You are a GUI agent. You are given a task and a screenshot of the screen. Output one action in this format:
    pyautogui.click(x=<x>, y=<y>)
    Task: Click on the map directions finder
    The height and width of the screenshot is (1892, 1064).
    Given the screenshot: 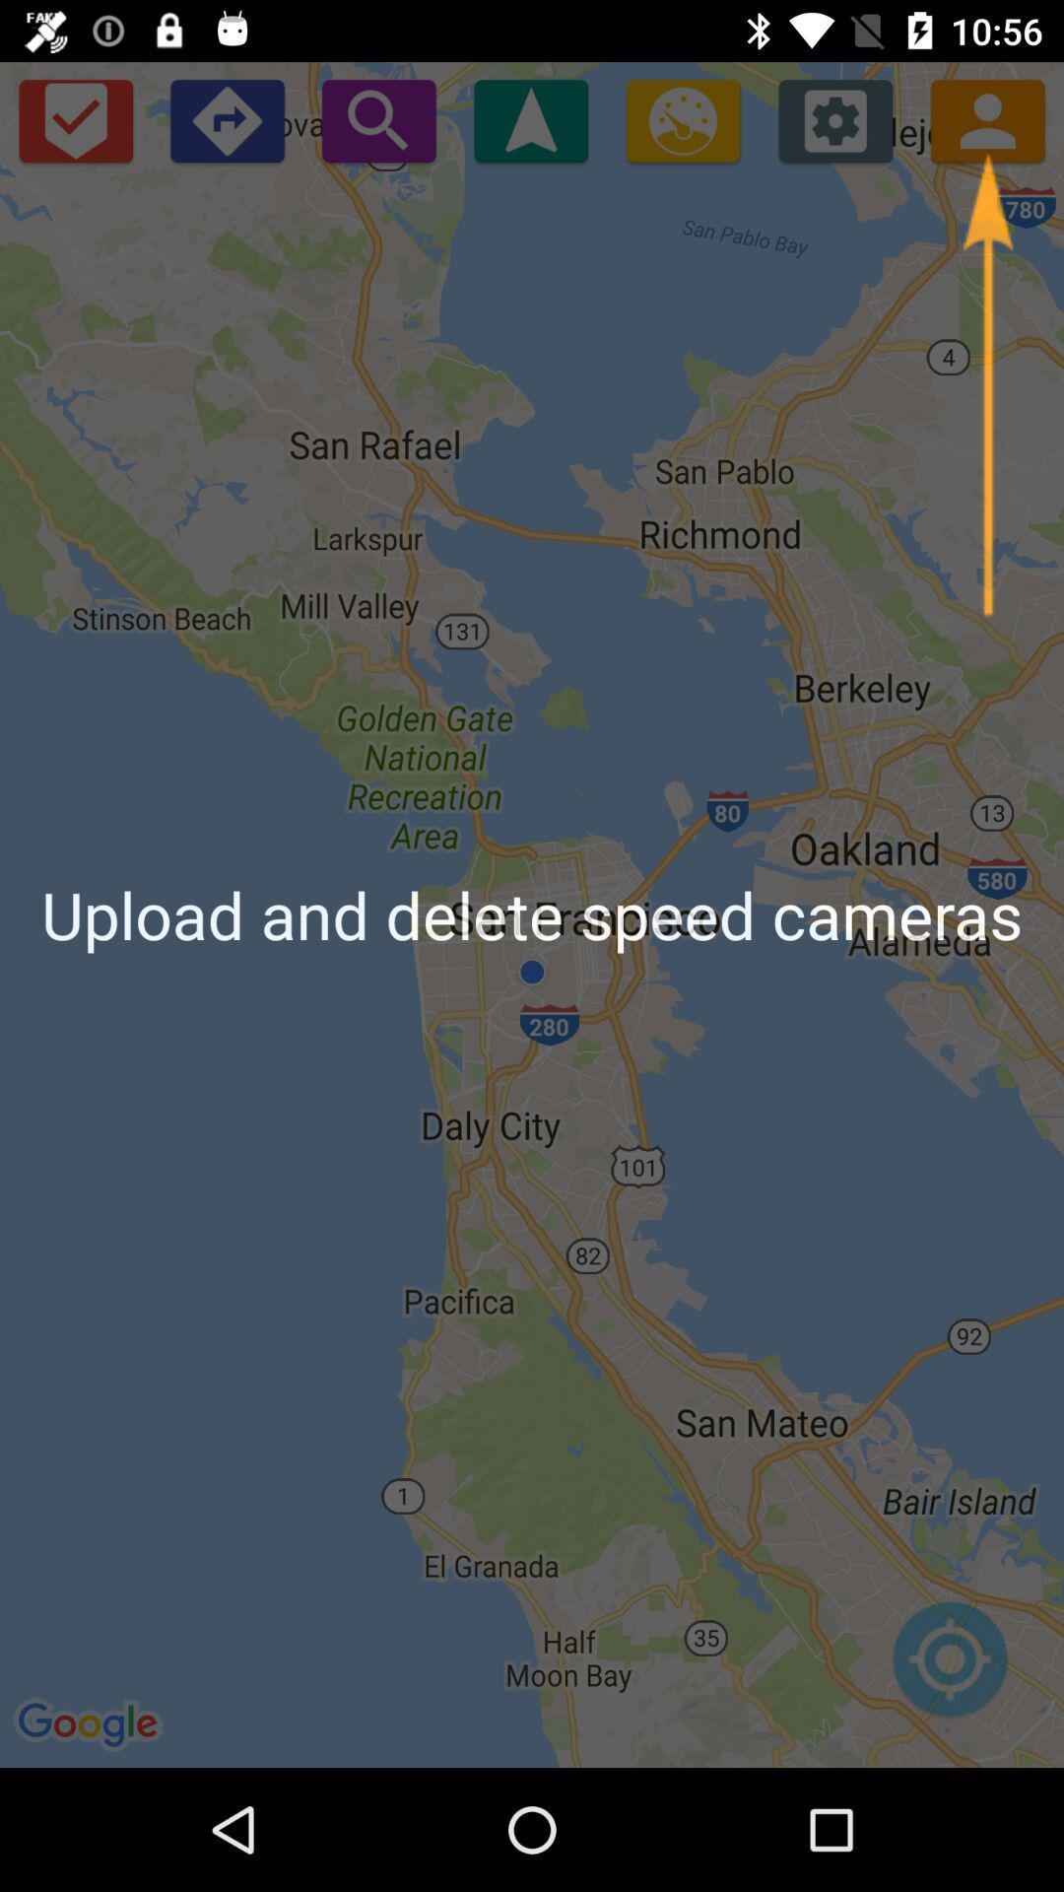 What is the action you would take?
    pyautogui.click(x=949, y=1668)
    